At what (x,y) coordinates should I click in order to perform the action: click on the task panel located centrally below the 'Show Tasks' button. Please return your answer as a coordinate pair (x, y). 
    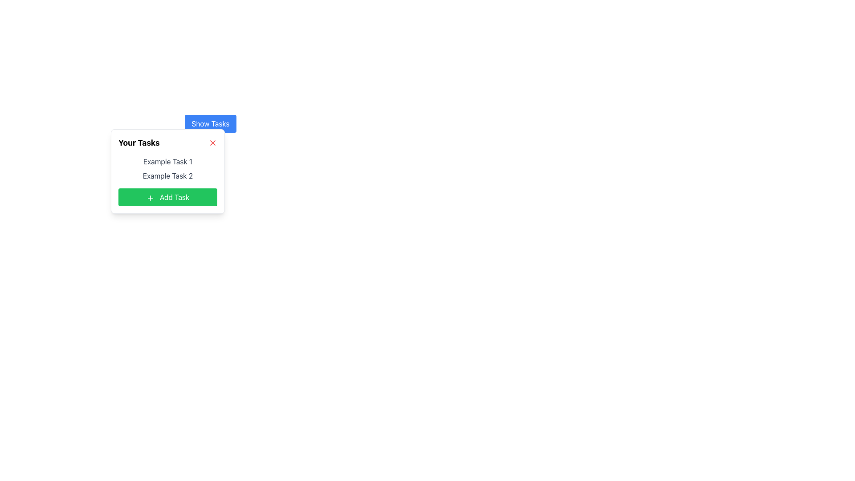
    Looking at the image, I should click on (210, 202).